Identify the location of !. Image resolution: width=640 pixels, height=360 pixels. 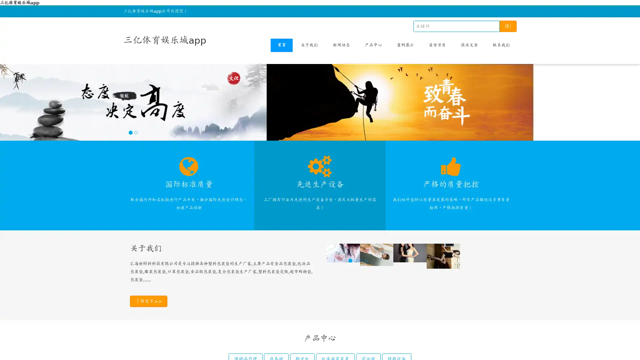
(508, 26).